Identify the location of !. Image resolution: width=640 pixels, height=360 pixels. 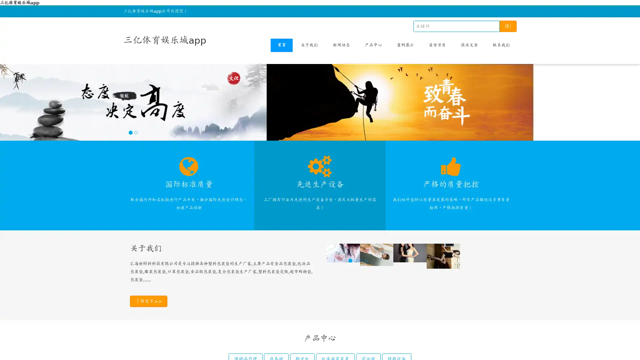
(508, 26).